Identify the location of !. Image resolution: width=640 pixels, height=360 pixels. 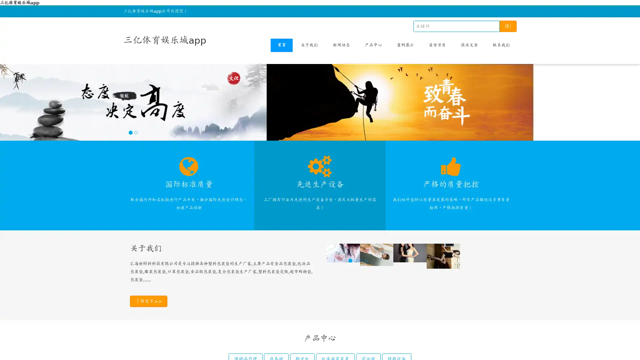
(508, 26).